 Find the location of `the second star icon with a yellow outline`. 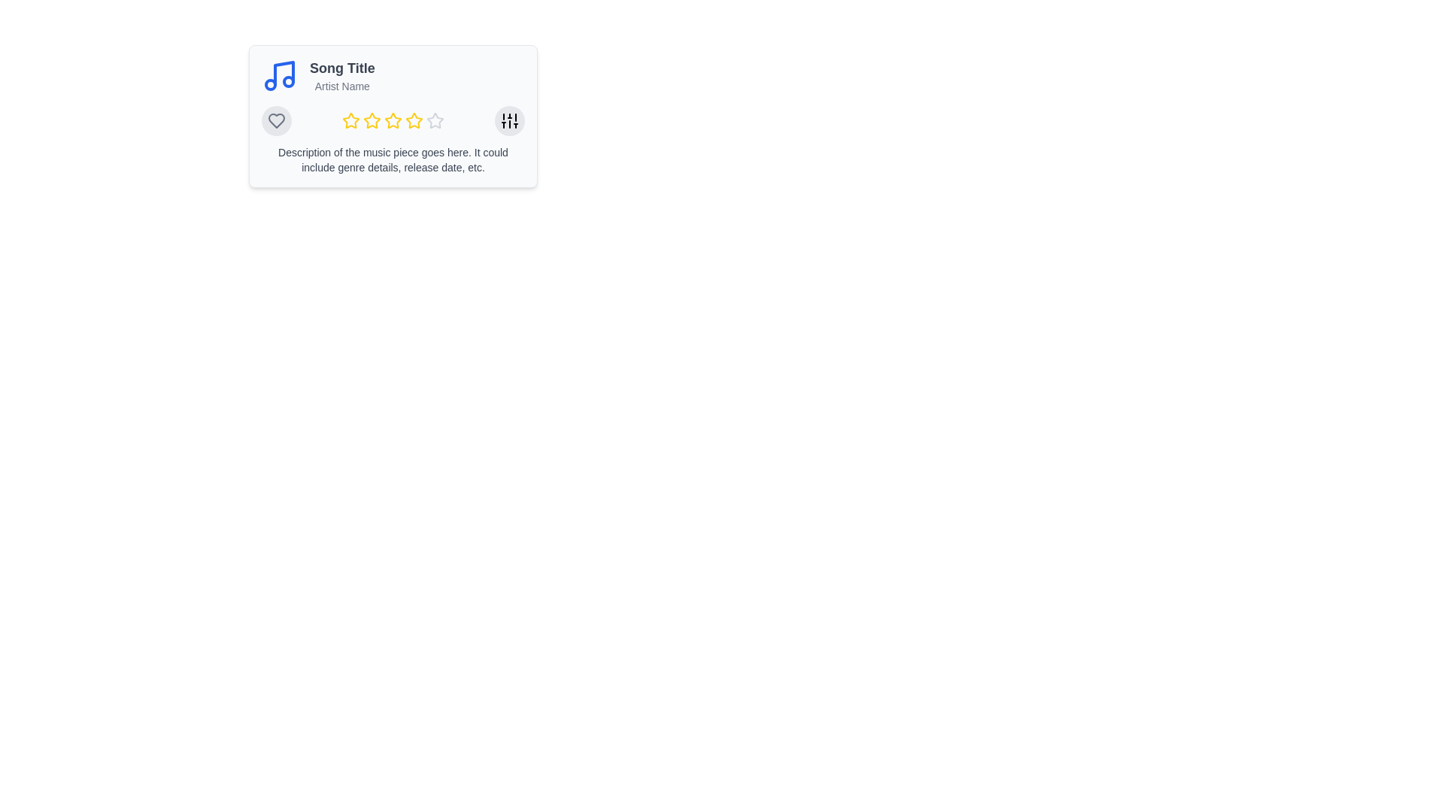

the second star icon with a yellow outline is located at coordinates (372, 120).